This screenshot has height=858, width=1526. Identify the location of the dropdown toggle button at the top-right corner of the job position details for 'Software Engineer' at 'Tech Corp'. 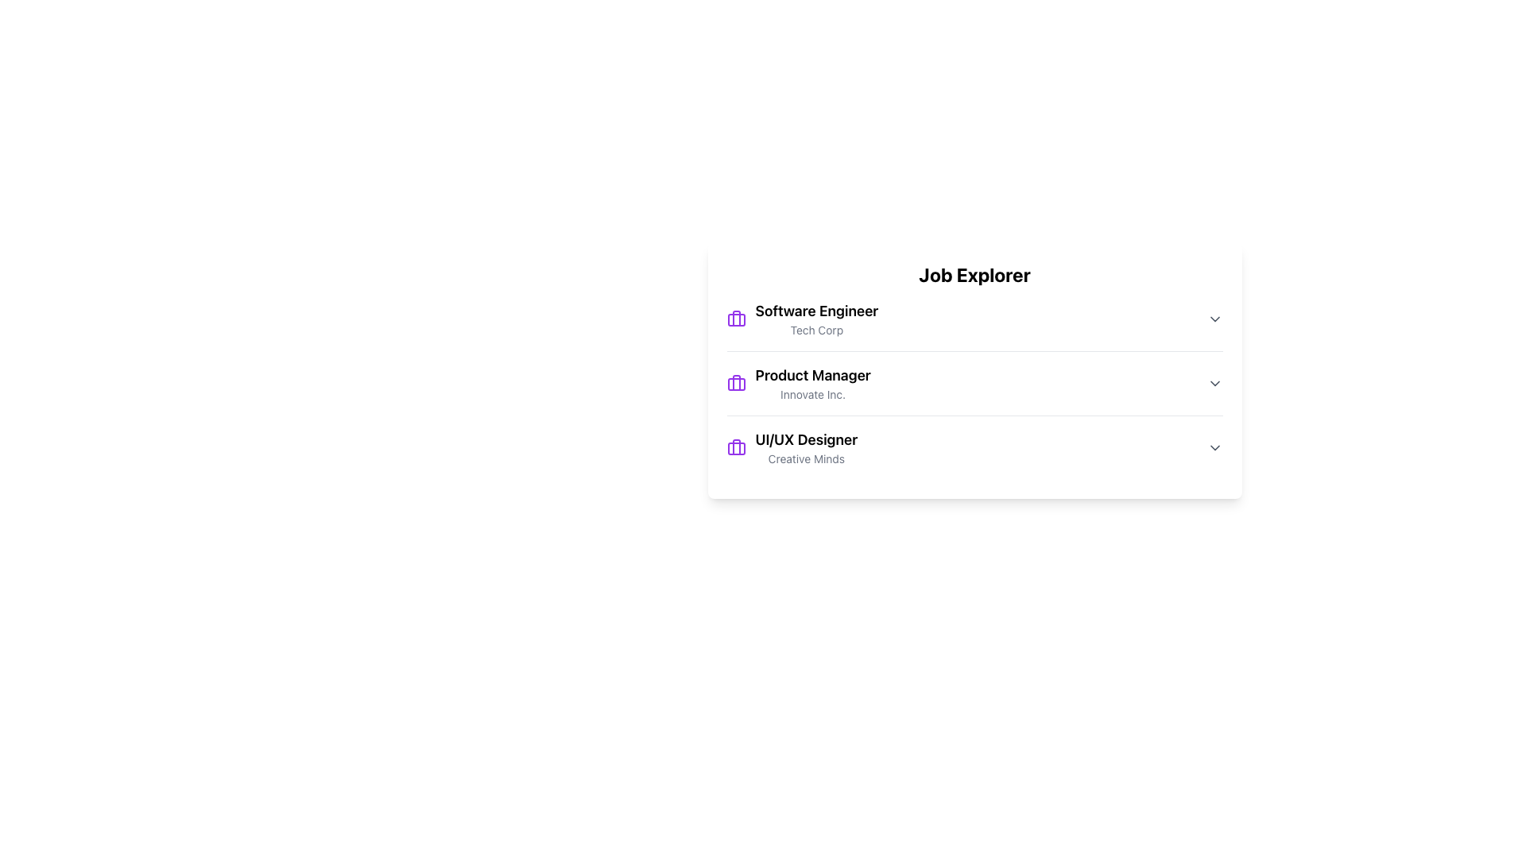
(1214, 319).